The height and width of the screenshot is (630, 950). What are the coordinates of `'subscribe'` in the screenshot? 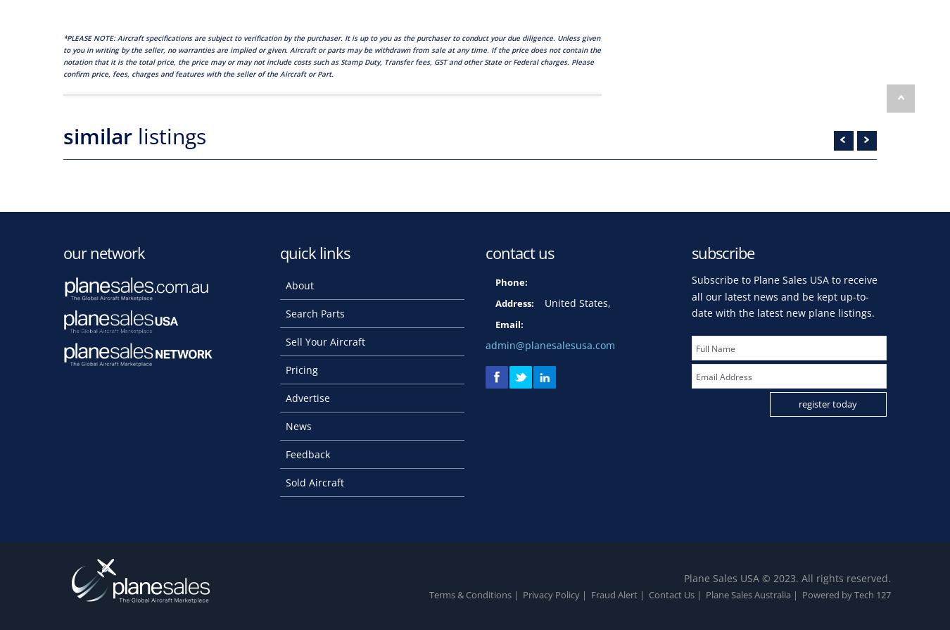 It's located at (722, 252).